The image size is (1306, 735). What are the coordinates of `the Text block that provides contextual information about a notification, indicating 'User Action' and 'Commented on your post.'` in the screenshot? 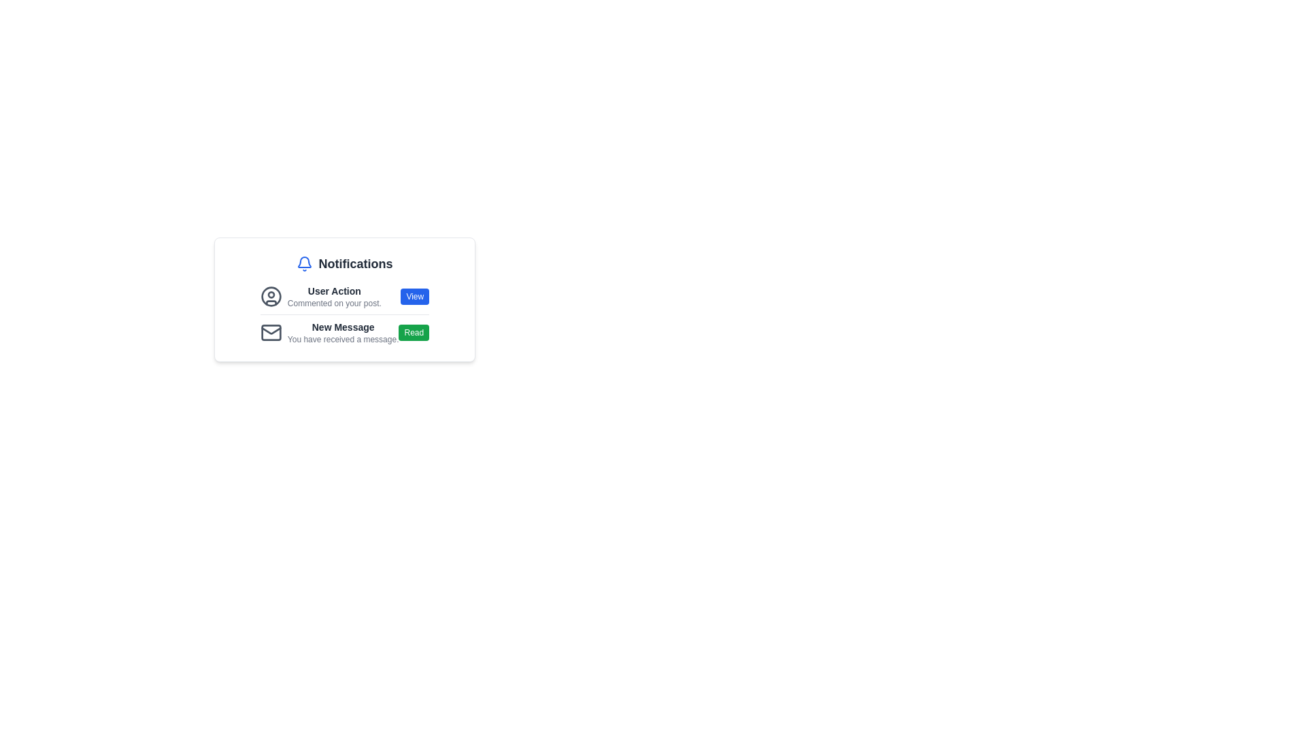 It's located at (334, 295).